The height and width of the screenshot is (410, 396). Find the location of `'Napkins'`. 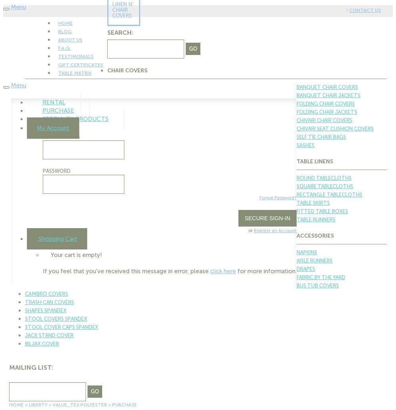

'Napkins' is located at coordinates (296, 252).